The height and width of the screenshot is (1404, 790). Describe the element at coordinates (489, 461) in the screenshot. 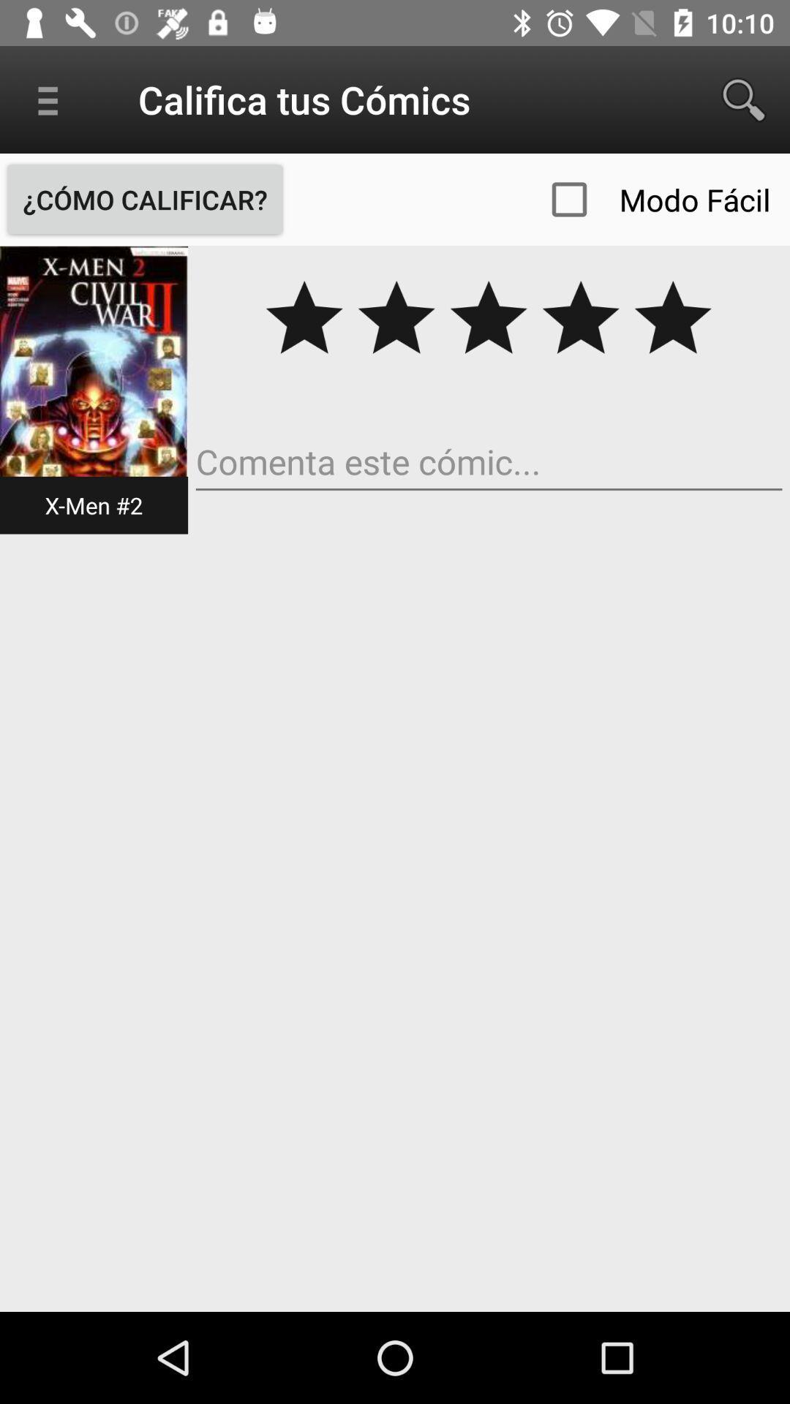

I see `leave a comment` at that location.